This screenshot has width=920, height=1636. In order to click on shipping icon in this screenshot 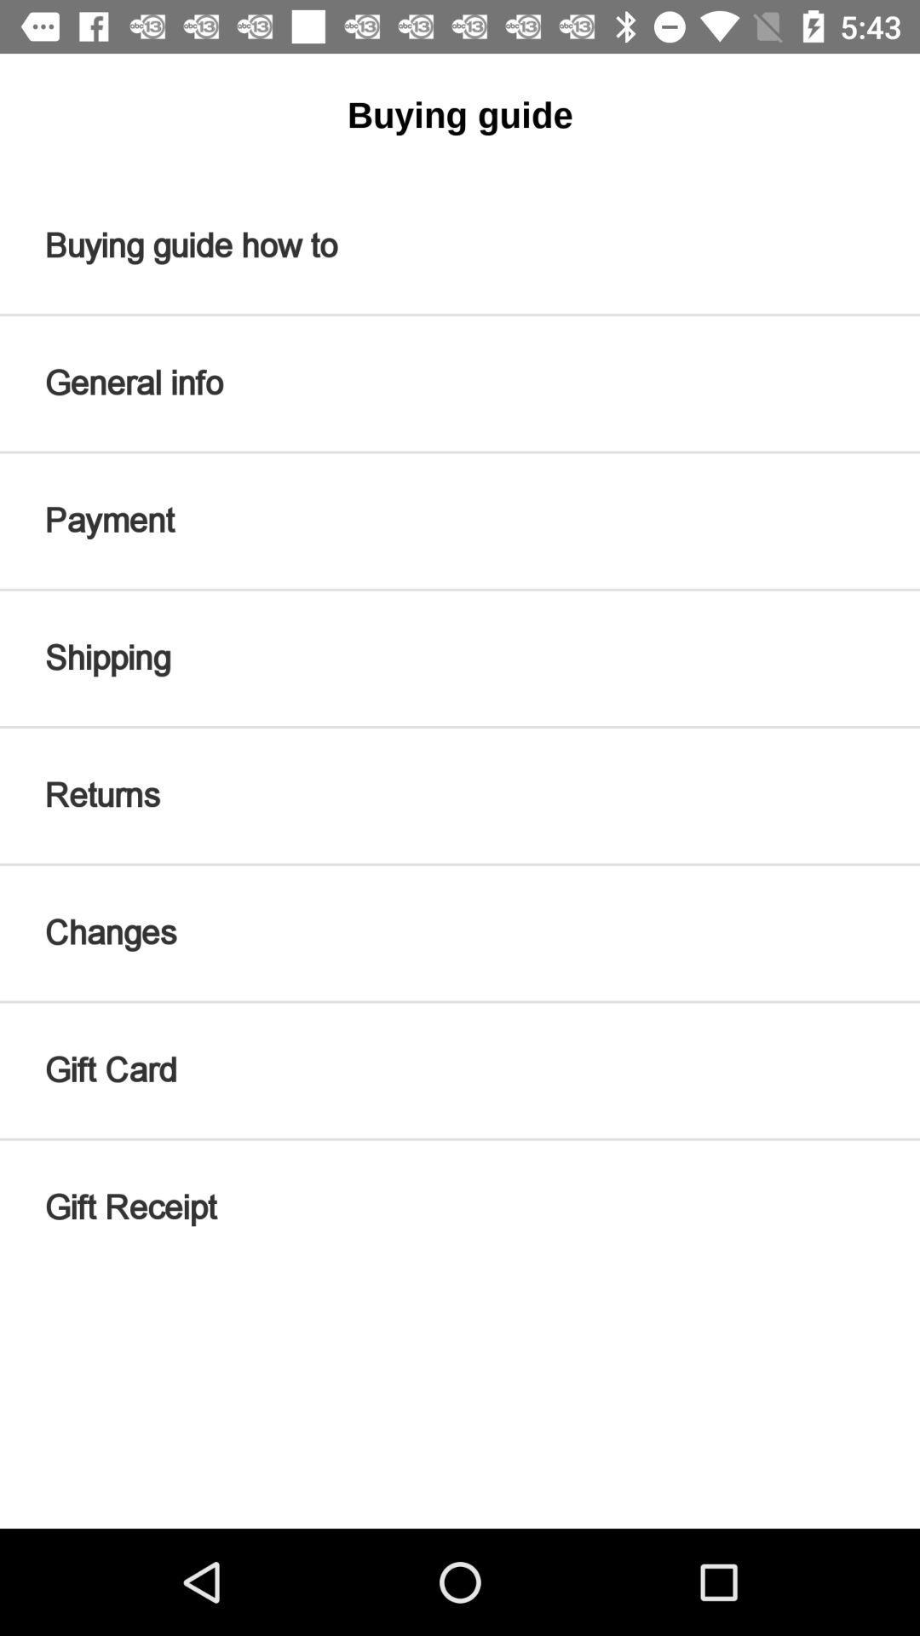, I will do `click(460, 657)`.